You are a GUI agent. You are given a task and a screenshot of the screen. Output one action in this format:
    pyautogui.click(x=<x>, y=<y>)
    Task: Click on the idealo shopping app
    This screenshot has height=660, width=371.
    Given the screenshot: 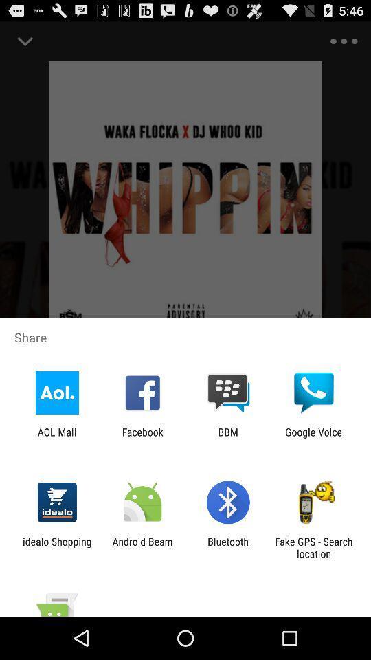 What is the action you would take?
    pyautogui.click(x=56, y=547)
    